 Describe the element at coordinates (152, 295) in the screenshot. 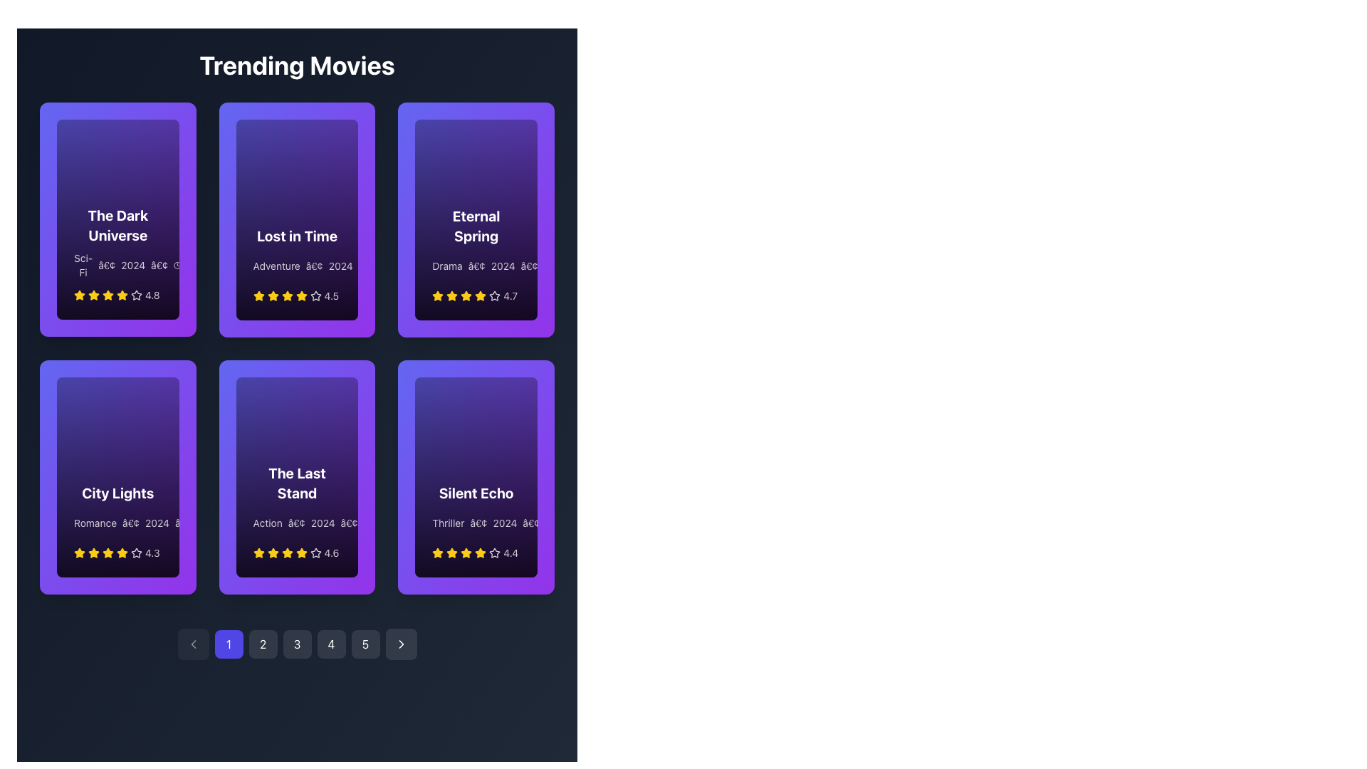

I see `the static text display showing the value '4.8', which is styled in light white color and positioned to the right of yellow stars in the rating component of the movie card for 'The Dark Universe'` at that location.